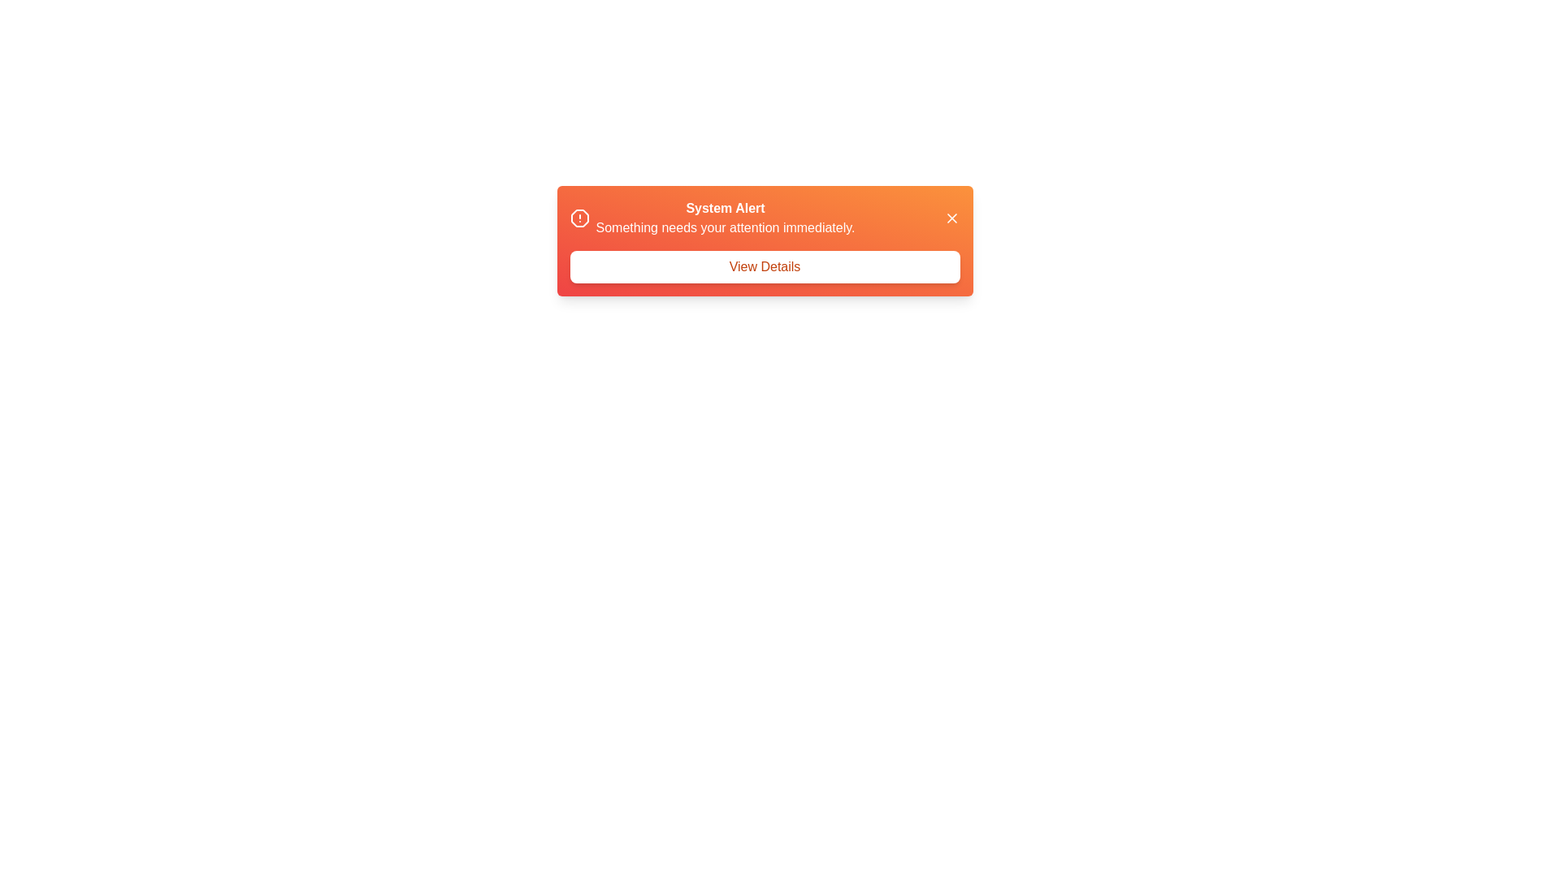  I want to click on the Textual information display that shows 'System Alert' and 'Something needs your attention immediately', which is centrally positioned in the top half of the alert box, so click(724, 218).